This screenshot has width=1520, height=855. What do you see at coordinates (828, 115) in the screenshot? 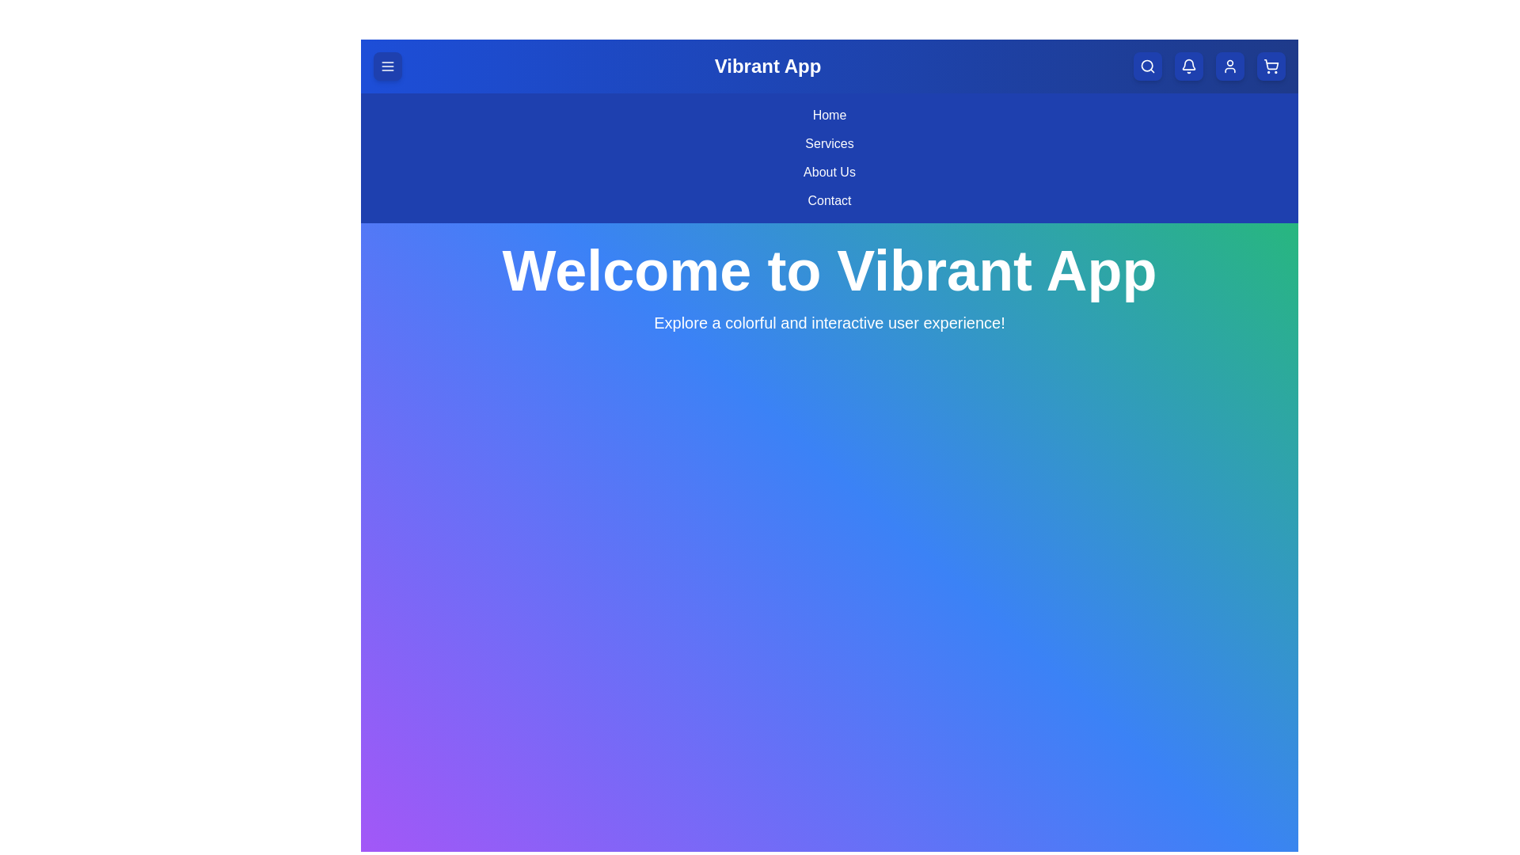
I see `the navigation menu item Home` at bounding box center [828, 115].